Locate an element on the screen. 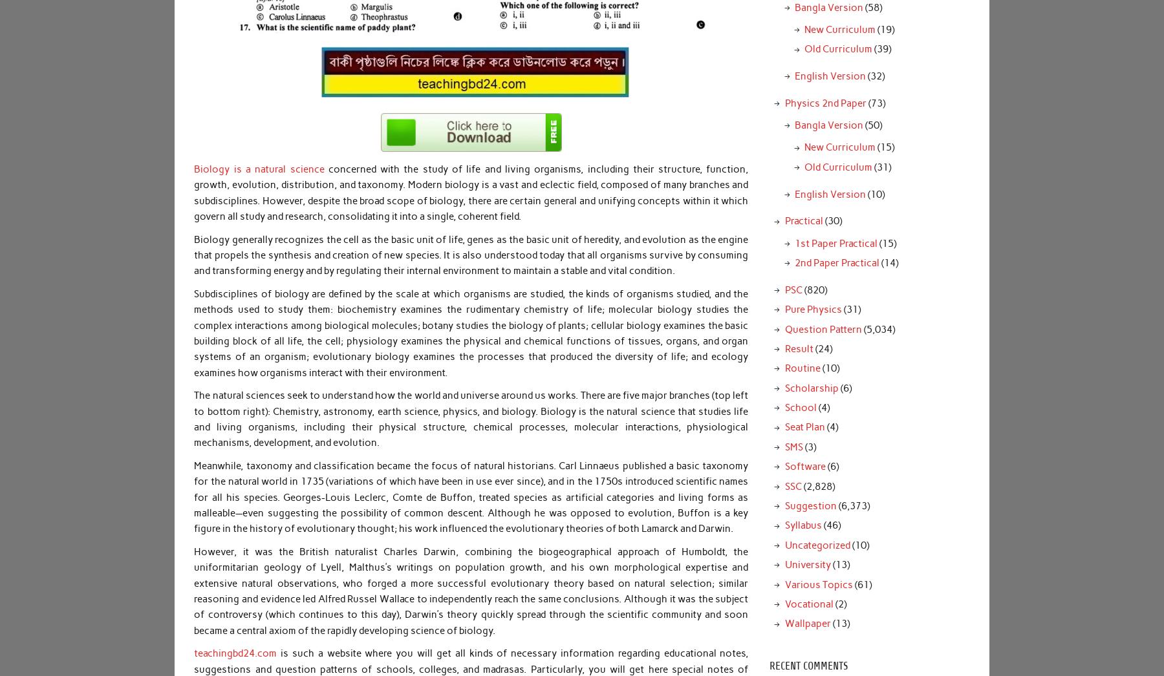 This screenshot has width=1164, height=676. 'Software' is located at coordinates (804, 466).